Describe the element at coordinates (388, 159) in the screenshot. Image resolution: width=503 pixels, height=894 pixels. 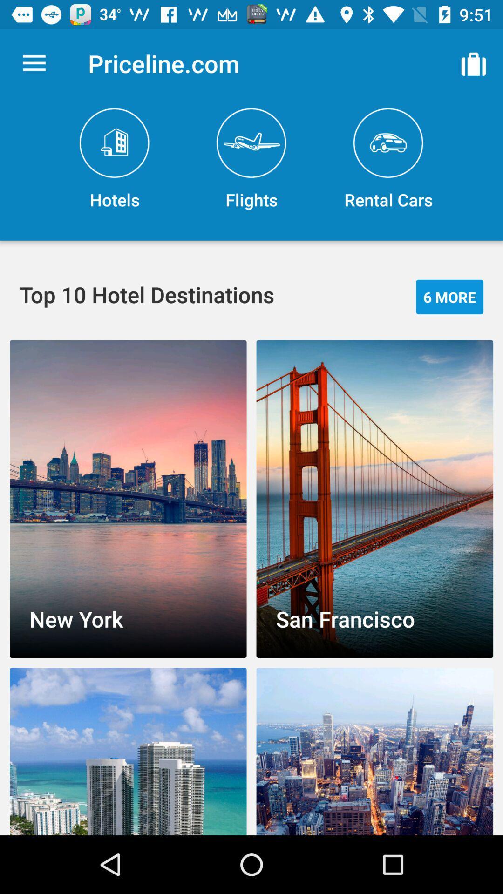
I see `rental cars icon` at that location.